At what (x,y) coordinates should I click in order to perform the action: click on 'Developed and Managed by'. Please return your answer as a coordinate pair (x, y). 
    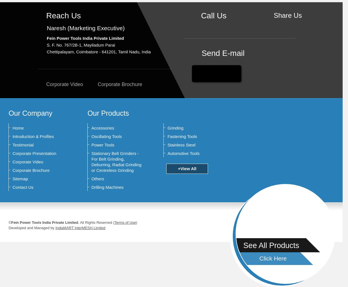
    Looking at the image, I should click on (32, 227).